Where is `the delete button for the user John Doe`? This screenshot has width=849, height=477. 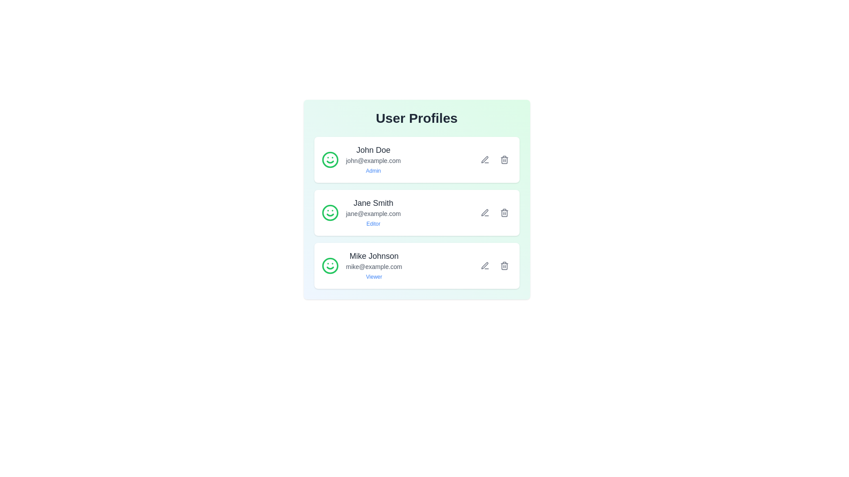 the delete button for the user John Doe is located at coordinates (504, 160).